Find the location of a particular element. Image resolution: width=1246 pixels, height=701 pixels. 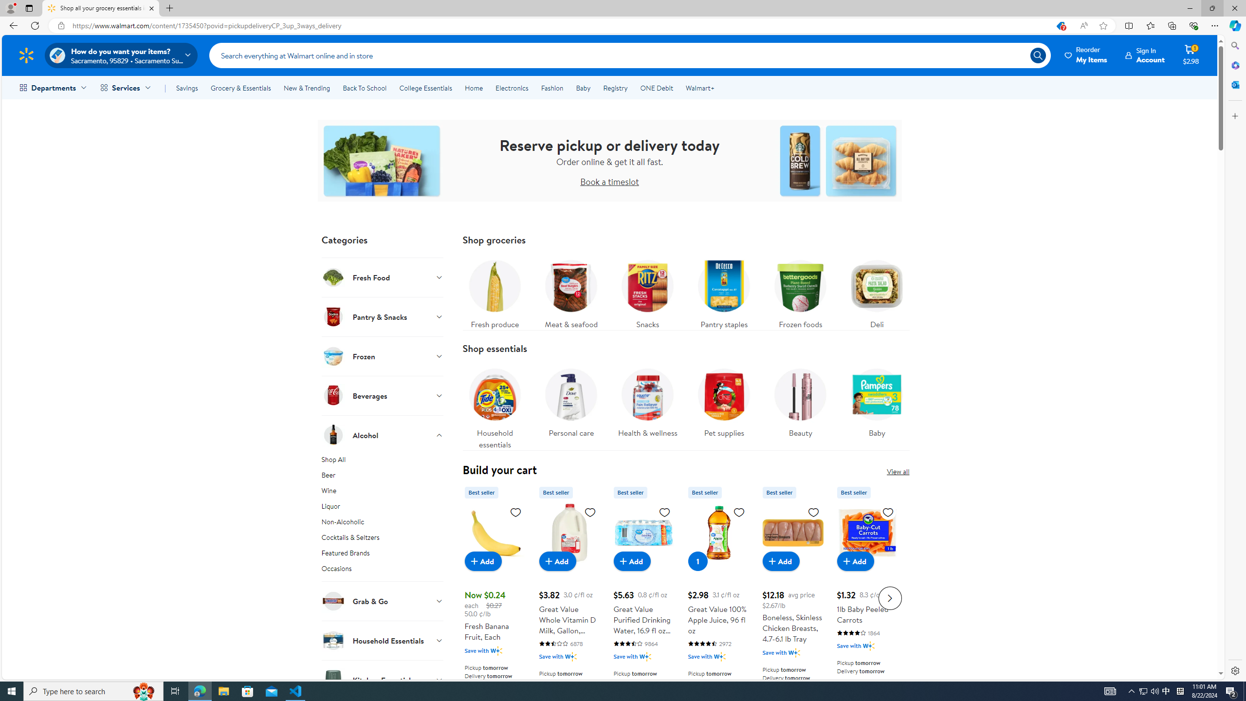

'Back To School' is located at coordinates (364, 88).